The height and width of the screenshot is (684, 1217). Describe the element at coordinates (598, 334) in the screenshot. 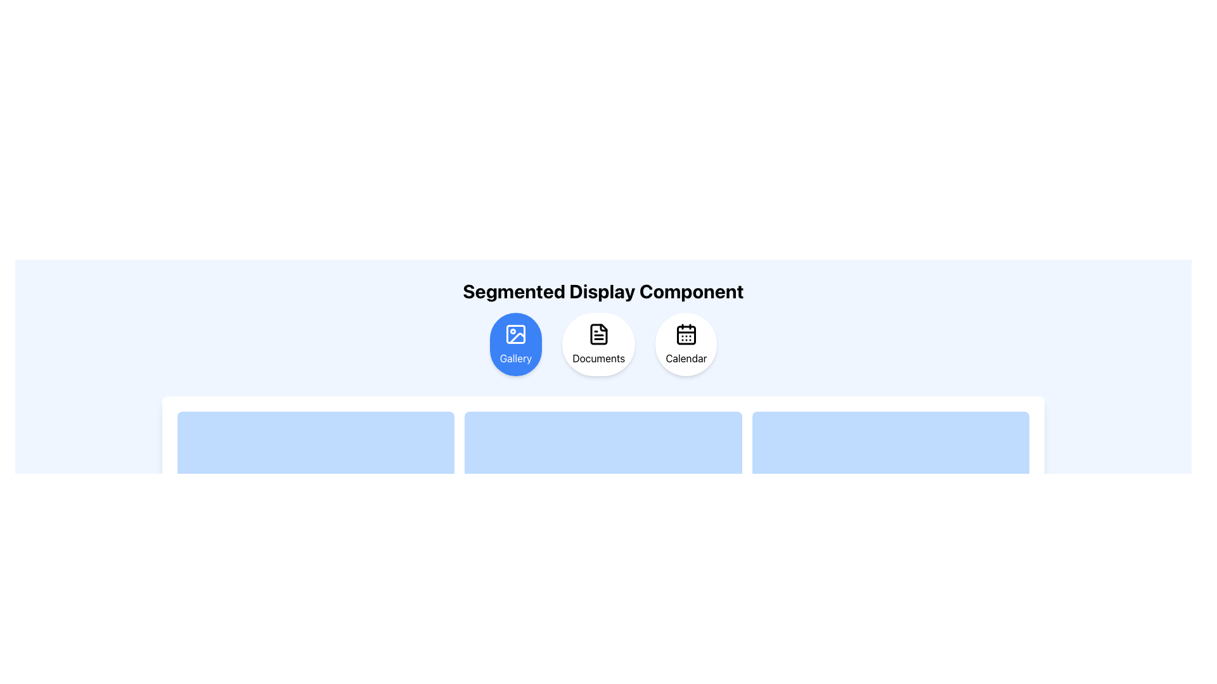

I see `the file icon within the 'Documents' button` at that location.